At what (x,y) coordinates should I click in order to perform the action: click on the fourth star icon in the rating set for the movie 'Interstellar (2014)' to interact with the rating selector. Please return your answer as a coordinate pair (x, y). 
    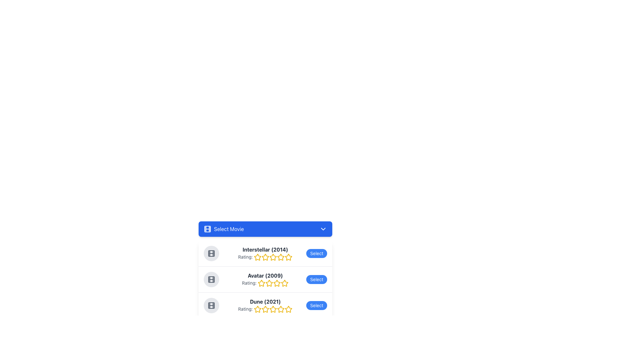
    Looking at the image, I should click on (288, 257).